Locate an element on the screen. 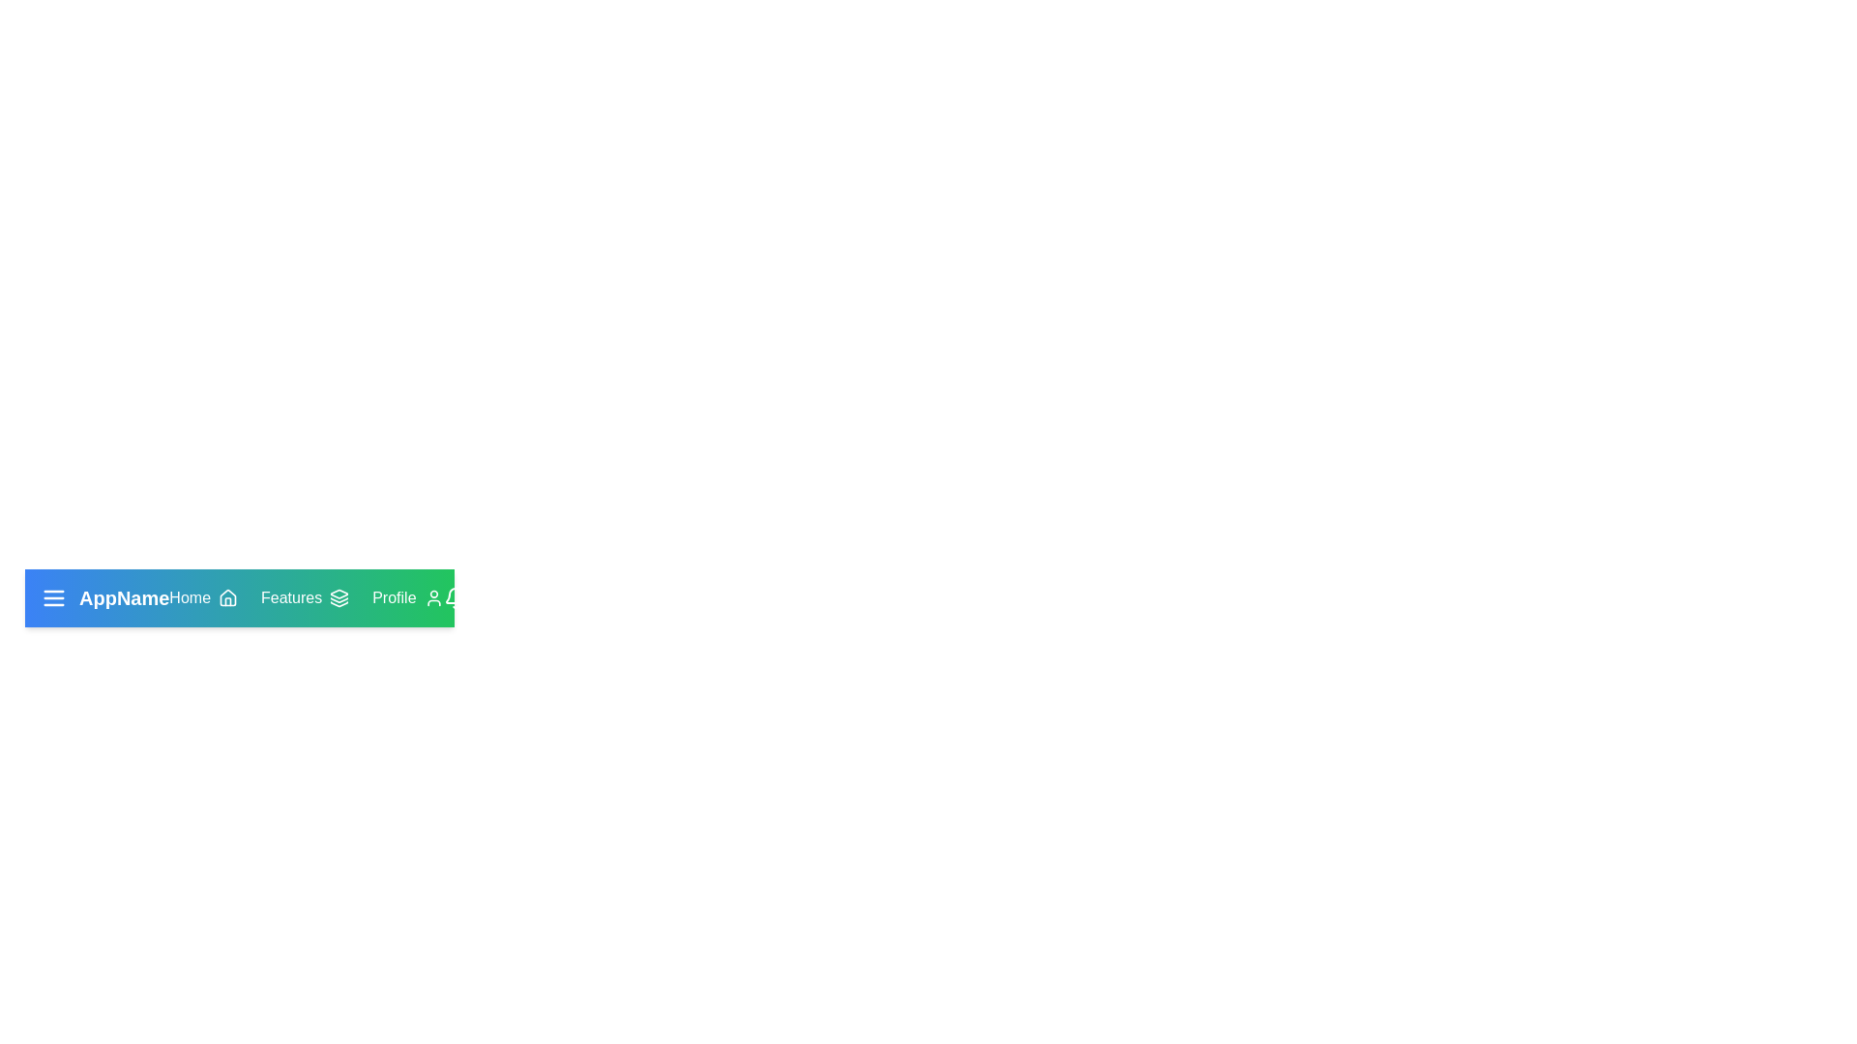  the 'AppName' text to simulate selection is located at coordinates (103, 596).